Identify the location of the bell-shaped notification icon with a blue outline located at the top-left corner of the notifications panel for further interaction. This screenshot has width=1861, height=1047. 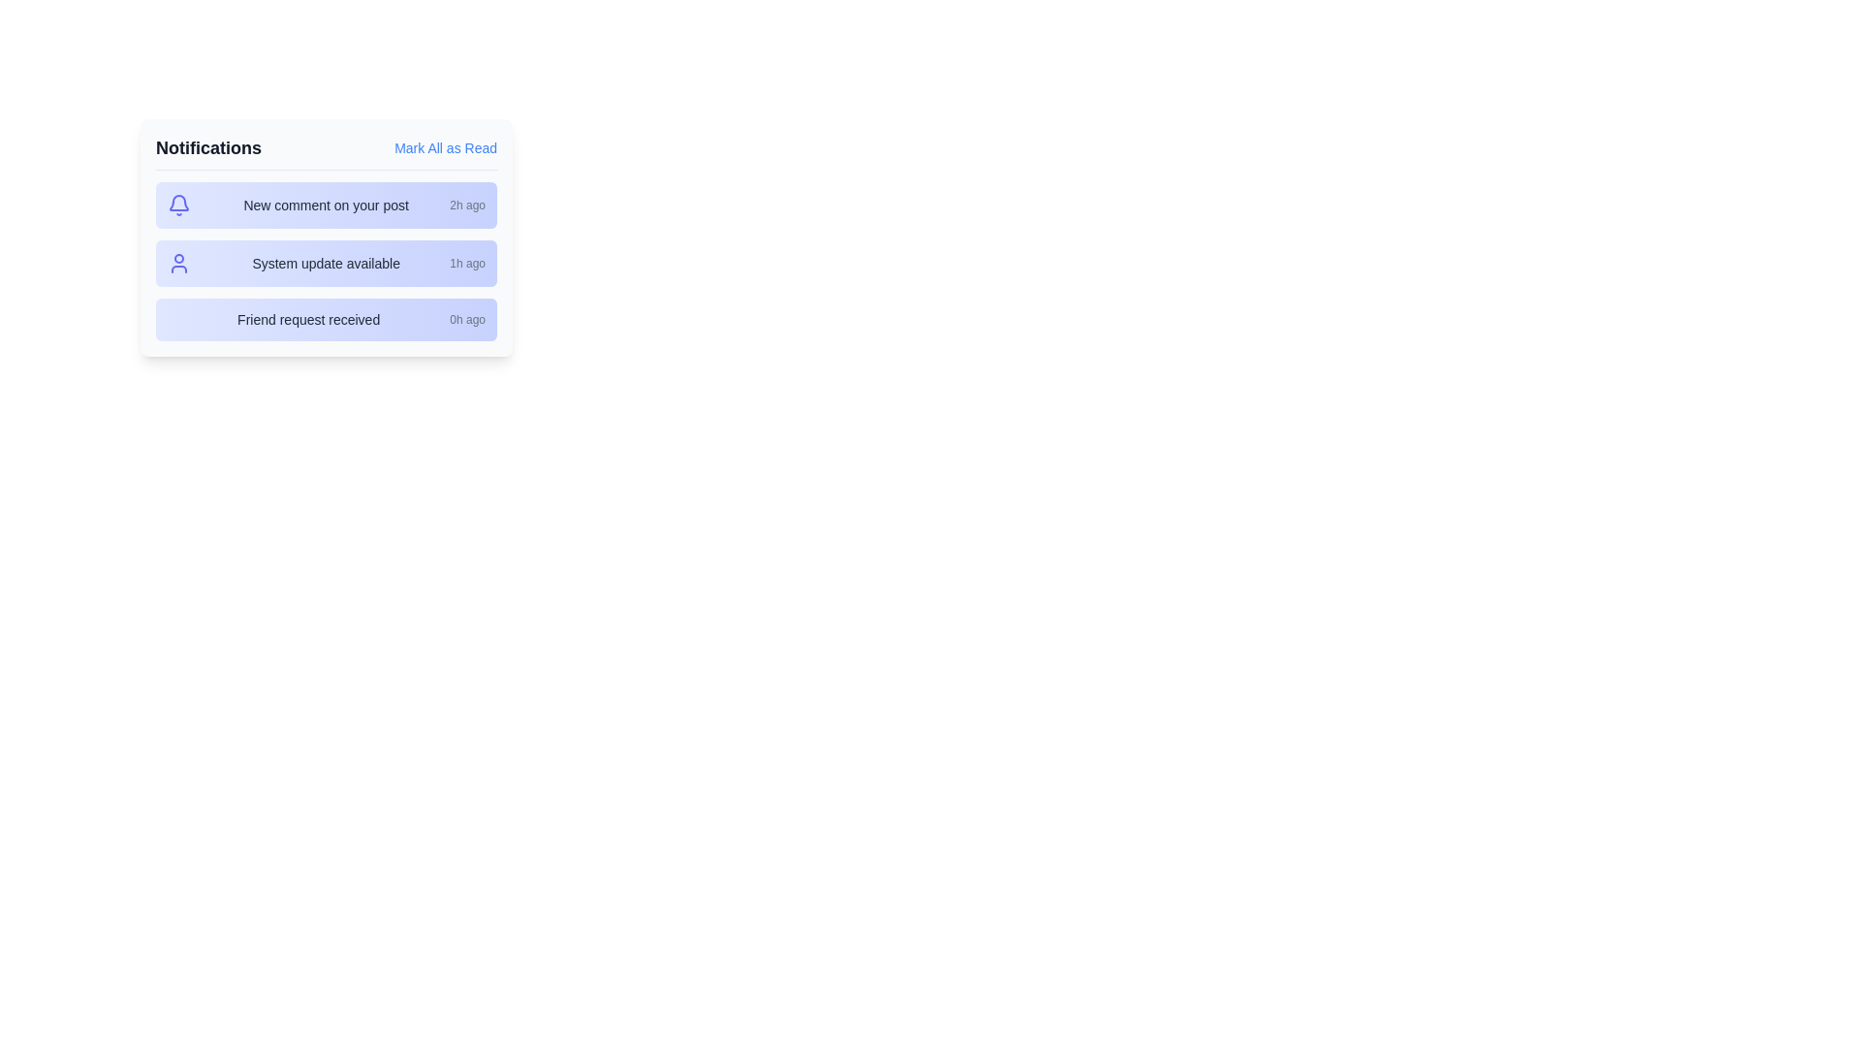
(179, 203).